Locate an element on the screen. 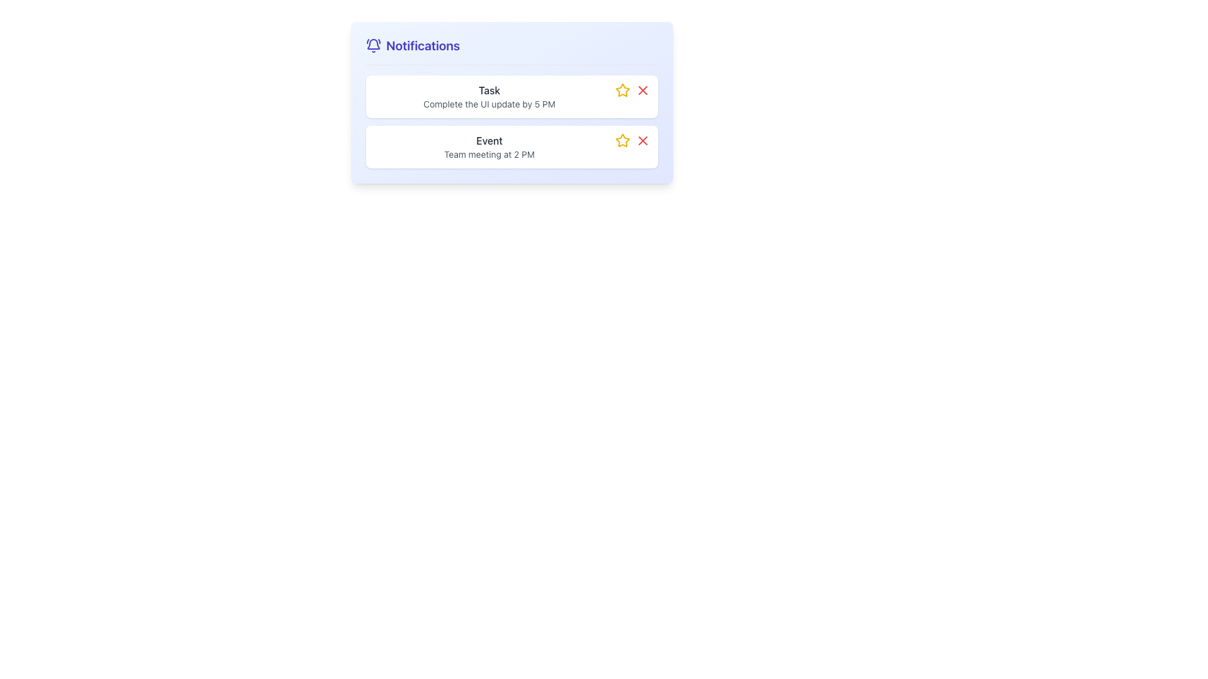  the decorative icon associated with notifications, located is located at coordinates (373, 45).